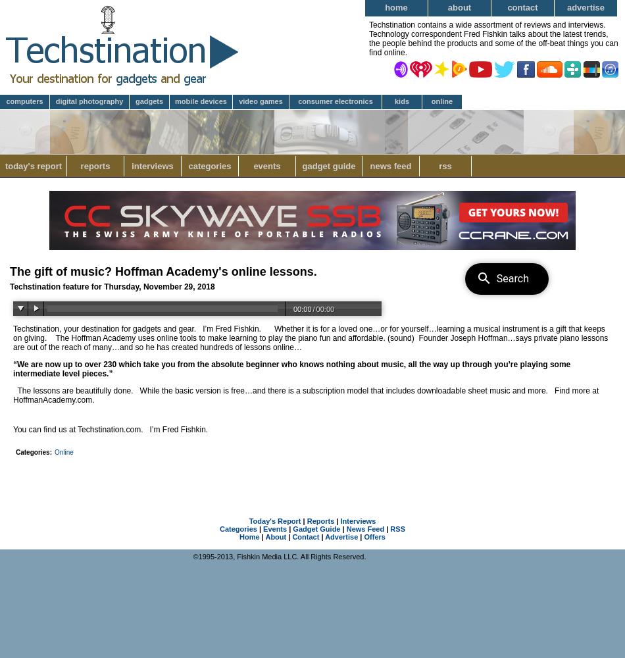 This screenshot has height=658, width=625. I want to click on 'Home', so click(239, 536).